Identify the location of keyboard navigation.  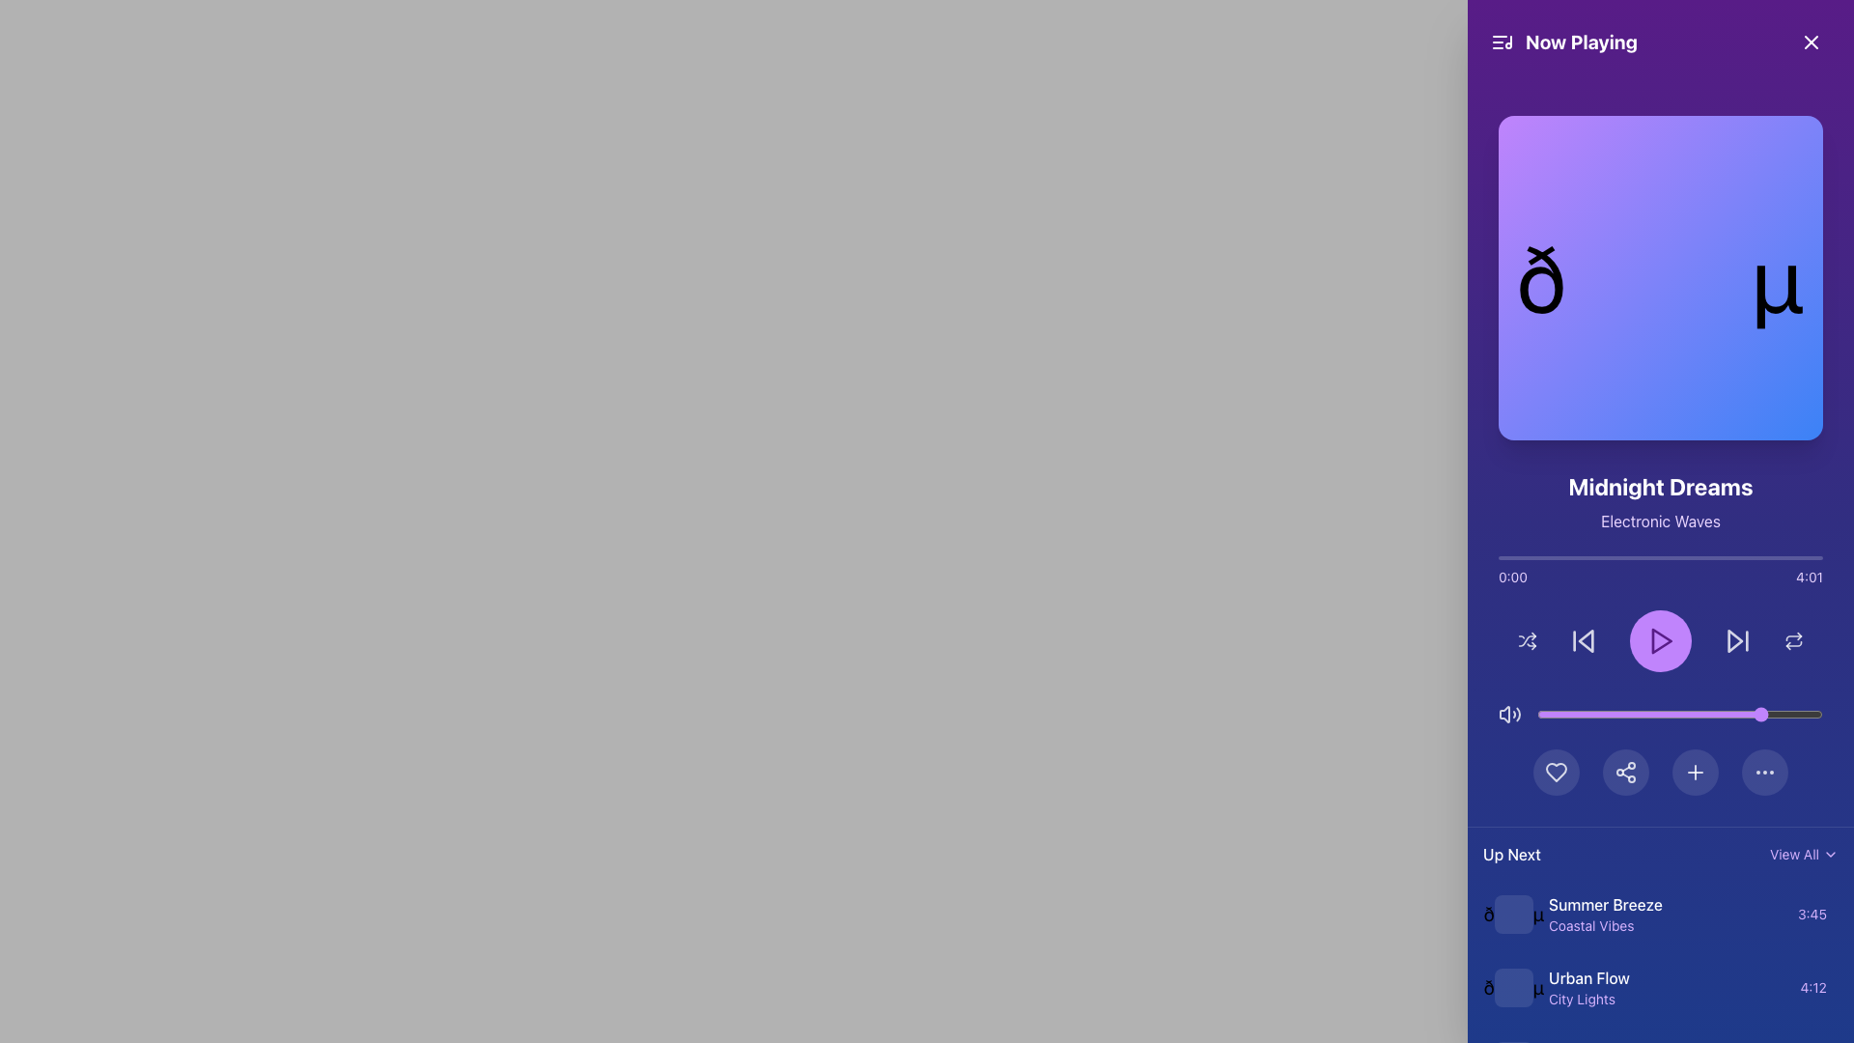
(1664, 925).